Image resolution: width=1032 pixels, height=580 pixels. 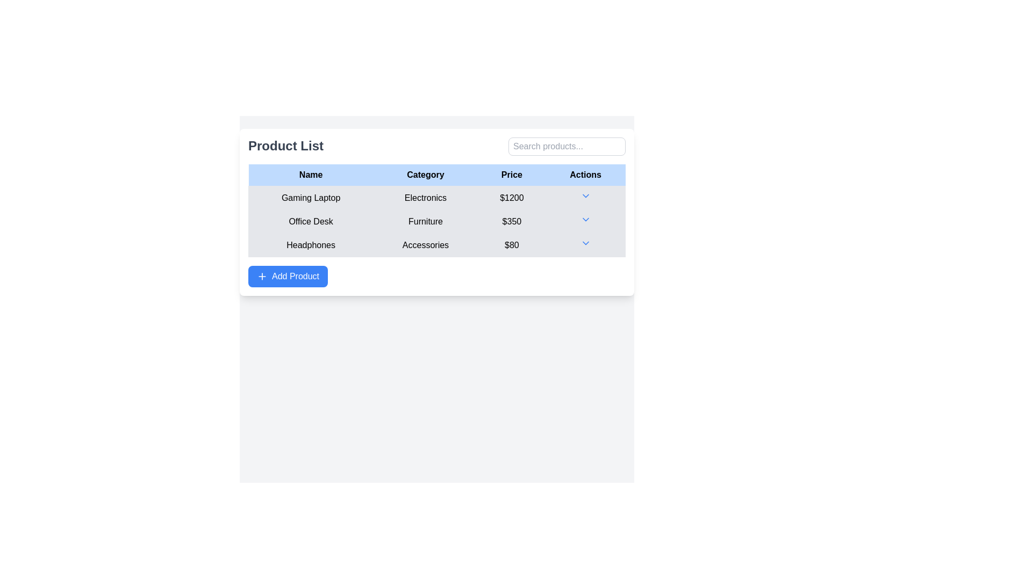 What do you see at coordinates (585, 243) in the screenshot?
I see `the small blue downward-pointing chevron icon indicating a dropdown option under the 'Actions' column for the 'Headphones' entry in the 'Product List' table` at bounding box center [585, 243].